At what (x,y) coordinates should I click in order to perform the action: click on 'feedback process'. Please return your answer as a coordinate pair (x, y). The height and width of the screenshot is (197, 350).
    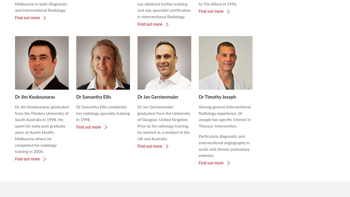
    Looking at the image, I should click on (212, 118).